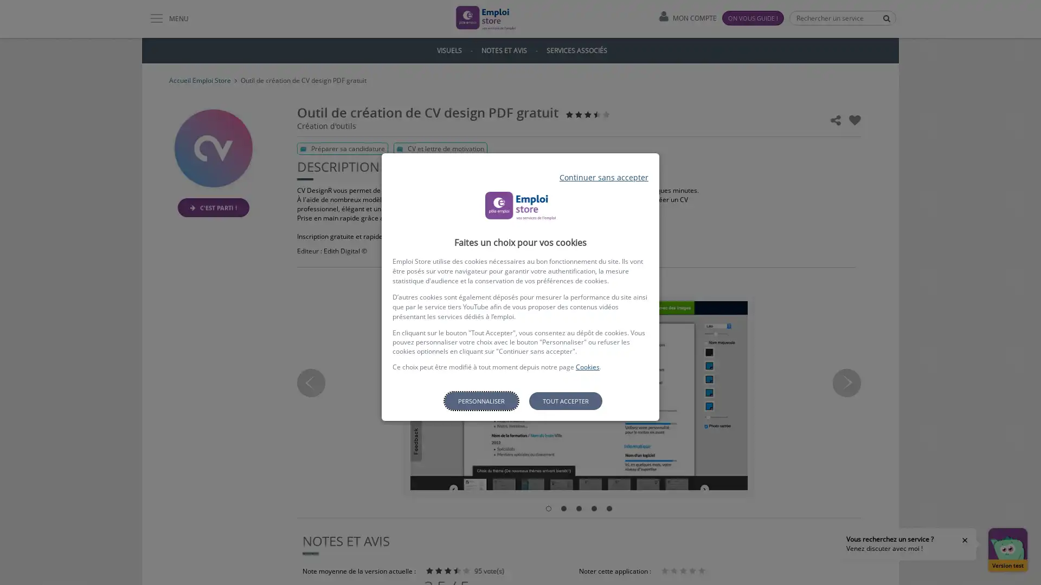 This screenshot has width=1041, height=585. I want to click on AUTORISER, so click(589, 435).